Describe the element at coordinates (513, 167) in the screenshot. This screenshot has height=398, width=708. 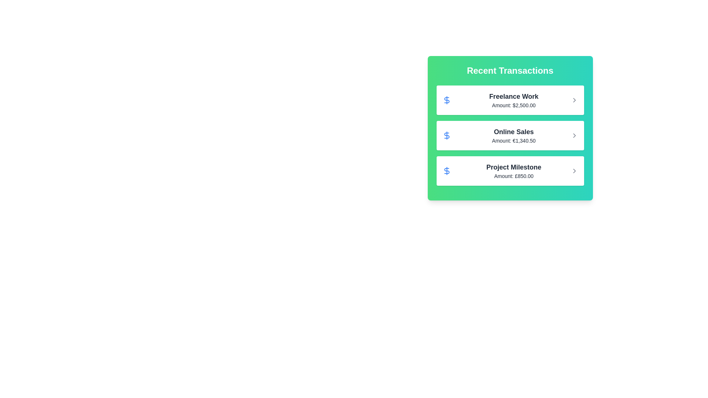
I see `the transaction using the text label located` at that location.